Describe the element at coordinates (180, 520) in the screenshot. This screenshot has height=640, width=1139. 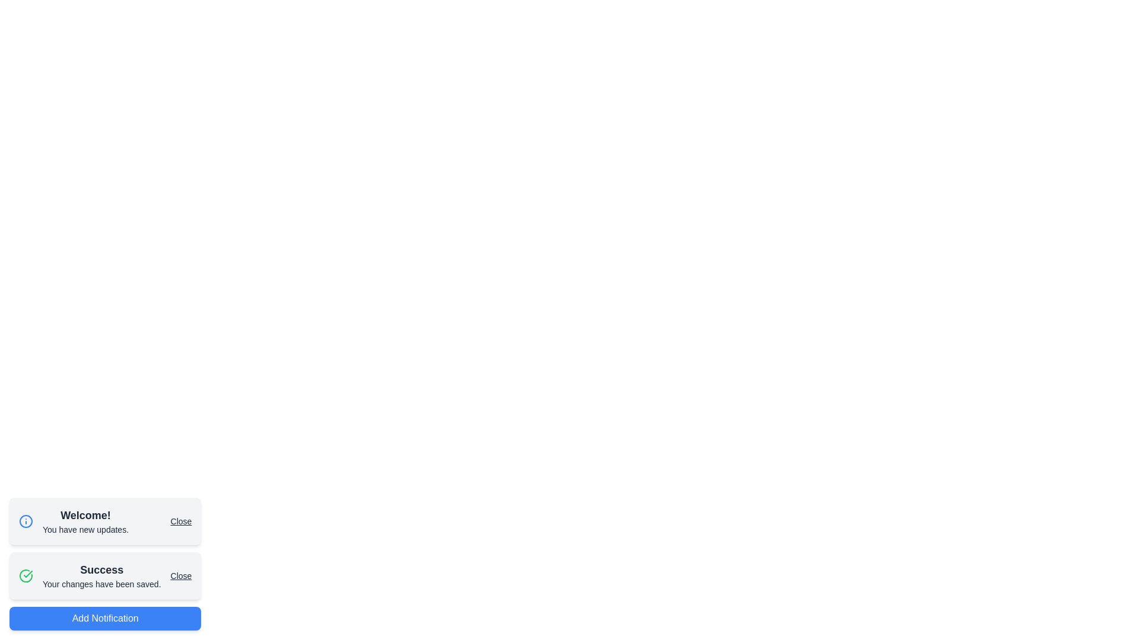
I see `the 'Close' button, which is a clickable text link styled with an underline, located on the far right of the notification box` at that location.